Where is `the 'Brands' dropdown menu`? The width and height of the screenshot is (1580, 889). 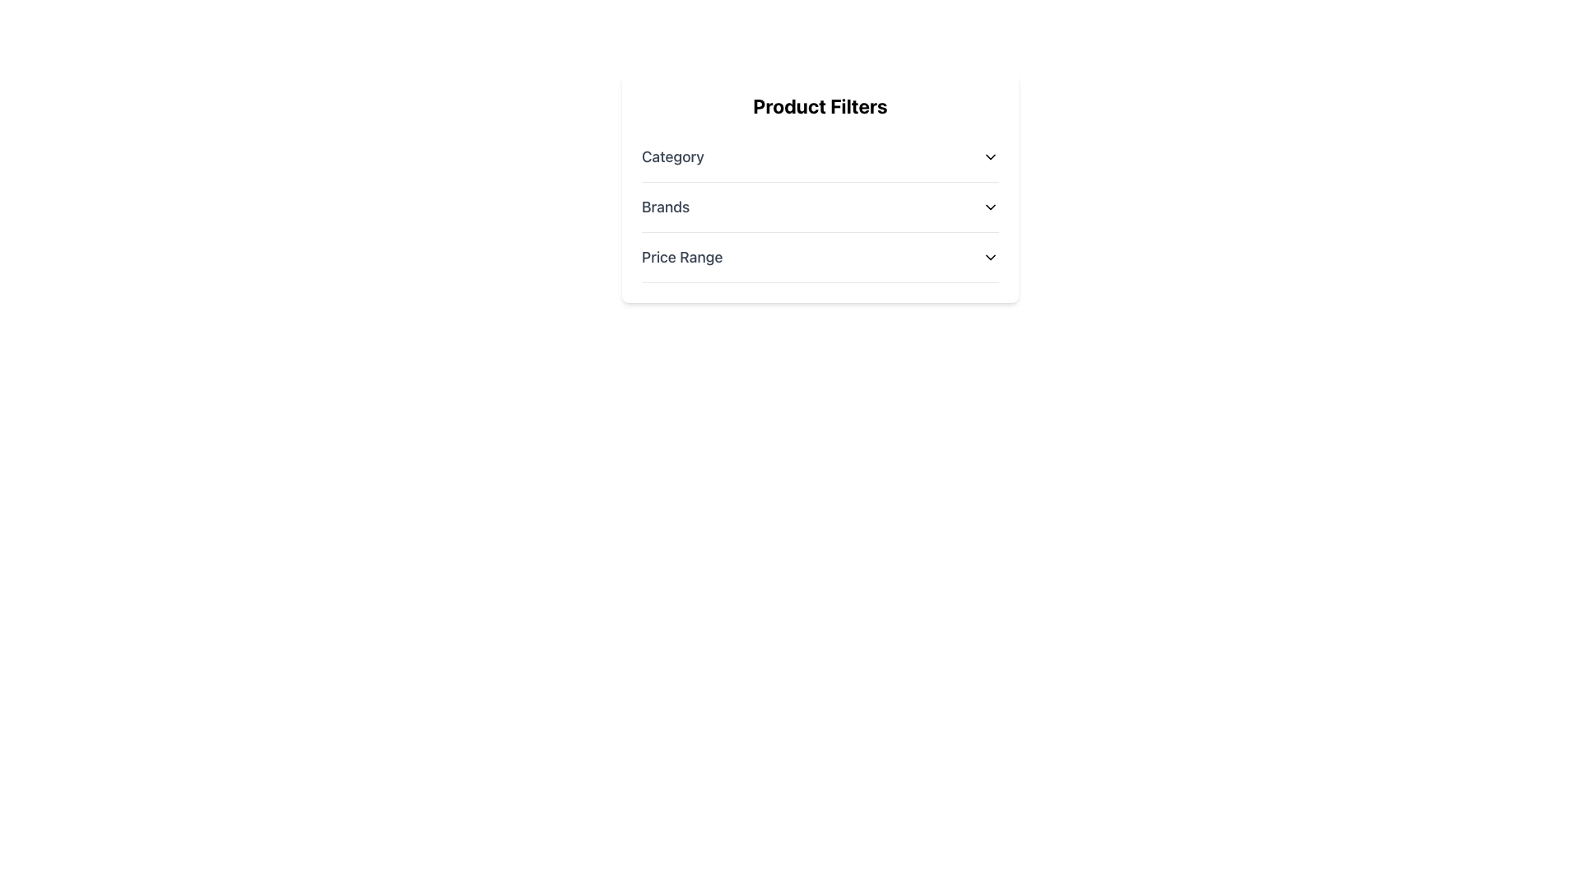
the 'Brands' dropdown menu is located at coordinates (820, 206).